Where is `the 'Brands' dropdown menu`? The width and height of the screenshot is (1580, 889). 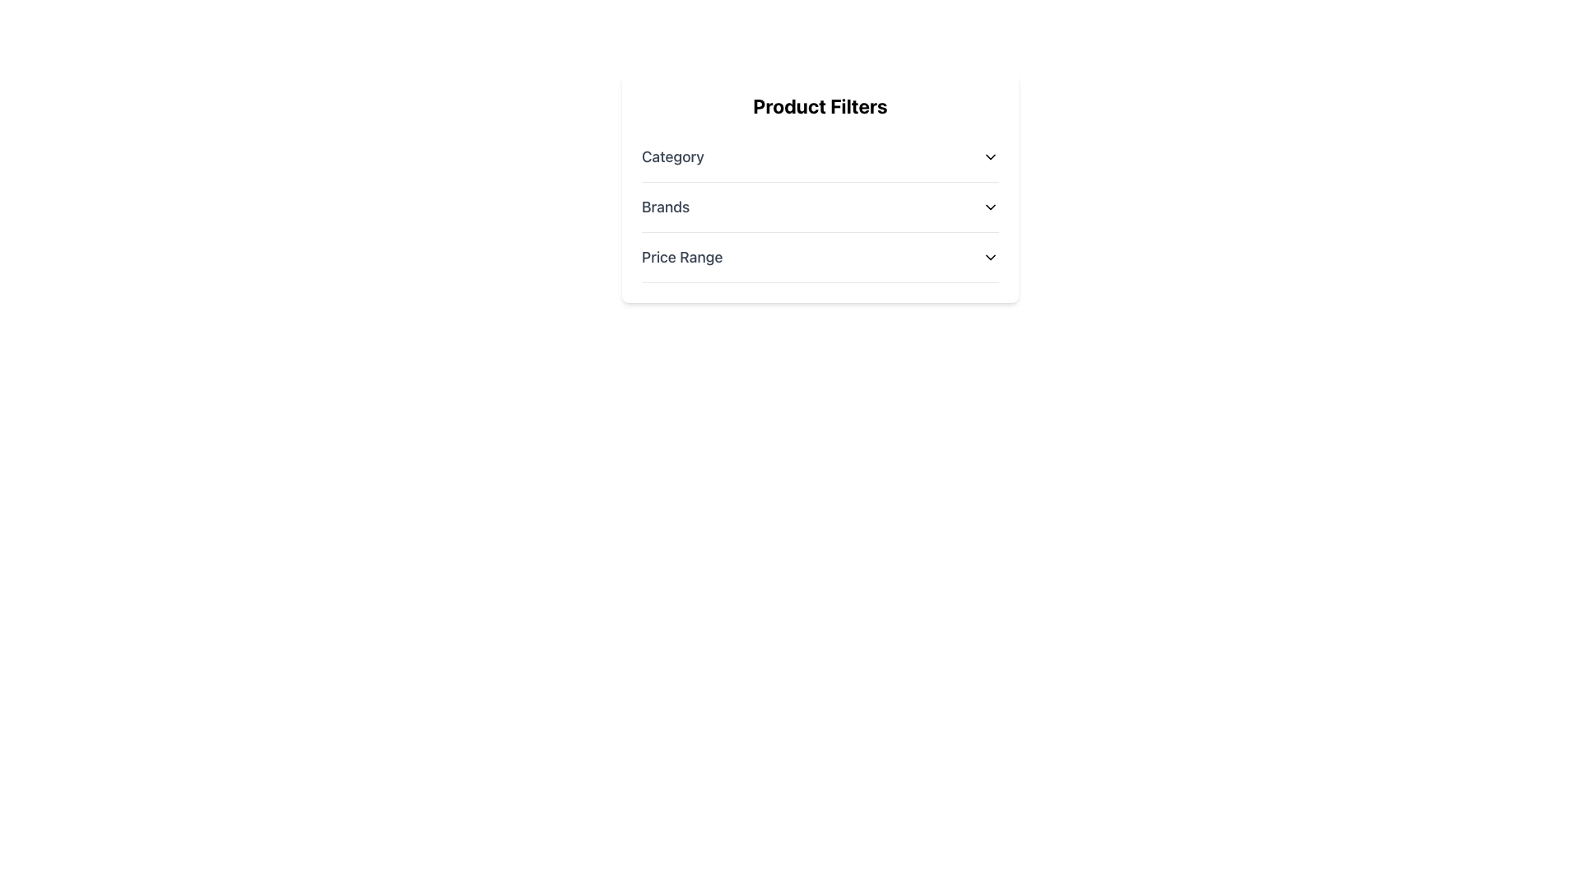
the 'Brands' dropdown menu is located at coordinates (820, 206).